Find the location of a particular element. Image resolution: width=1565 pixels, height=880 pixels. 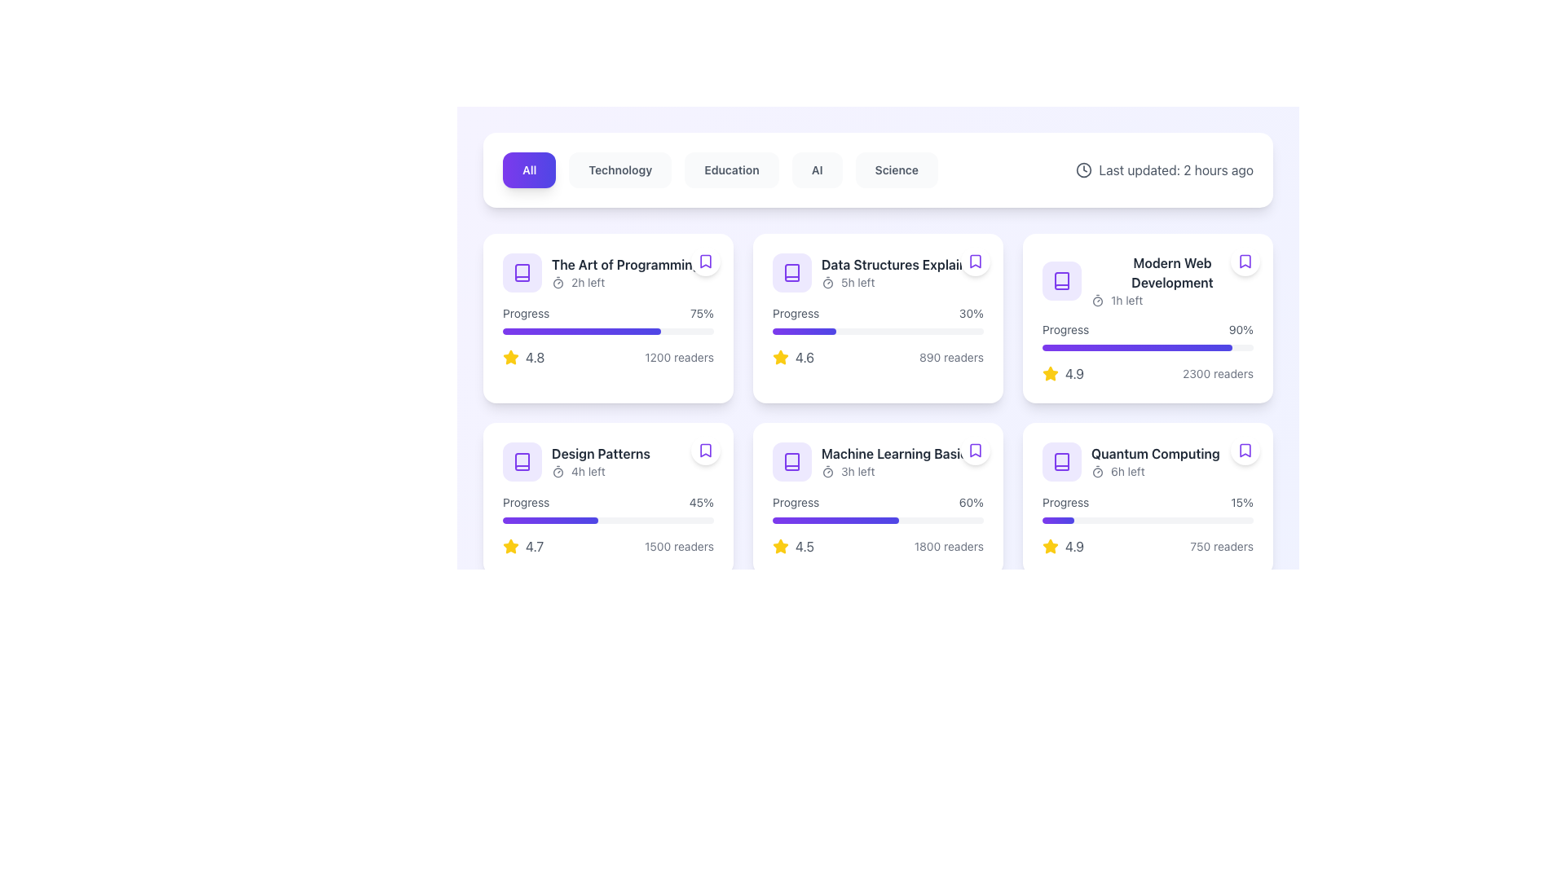

information displayed in the text element that shows '890 readers' at the bottom right corner of the card labeled 'Data Structures Explained' is located at coordinates (951, 357).